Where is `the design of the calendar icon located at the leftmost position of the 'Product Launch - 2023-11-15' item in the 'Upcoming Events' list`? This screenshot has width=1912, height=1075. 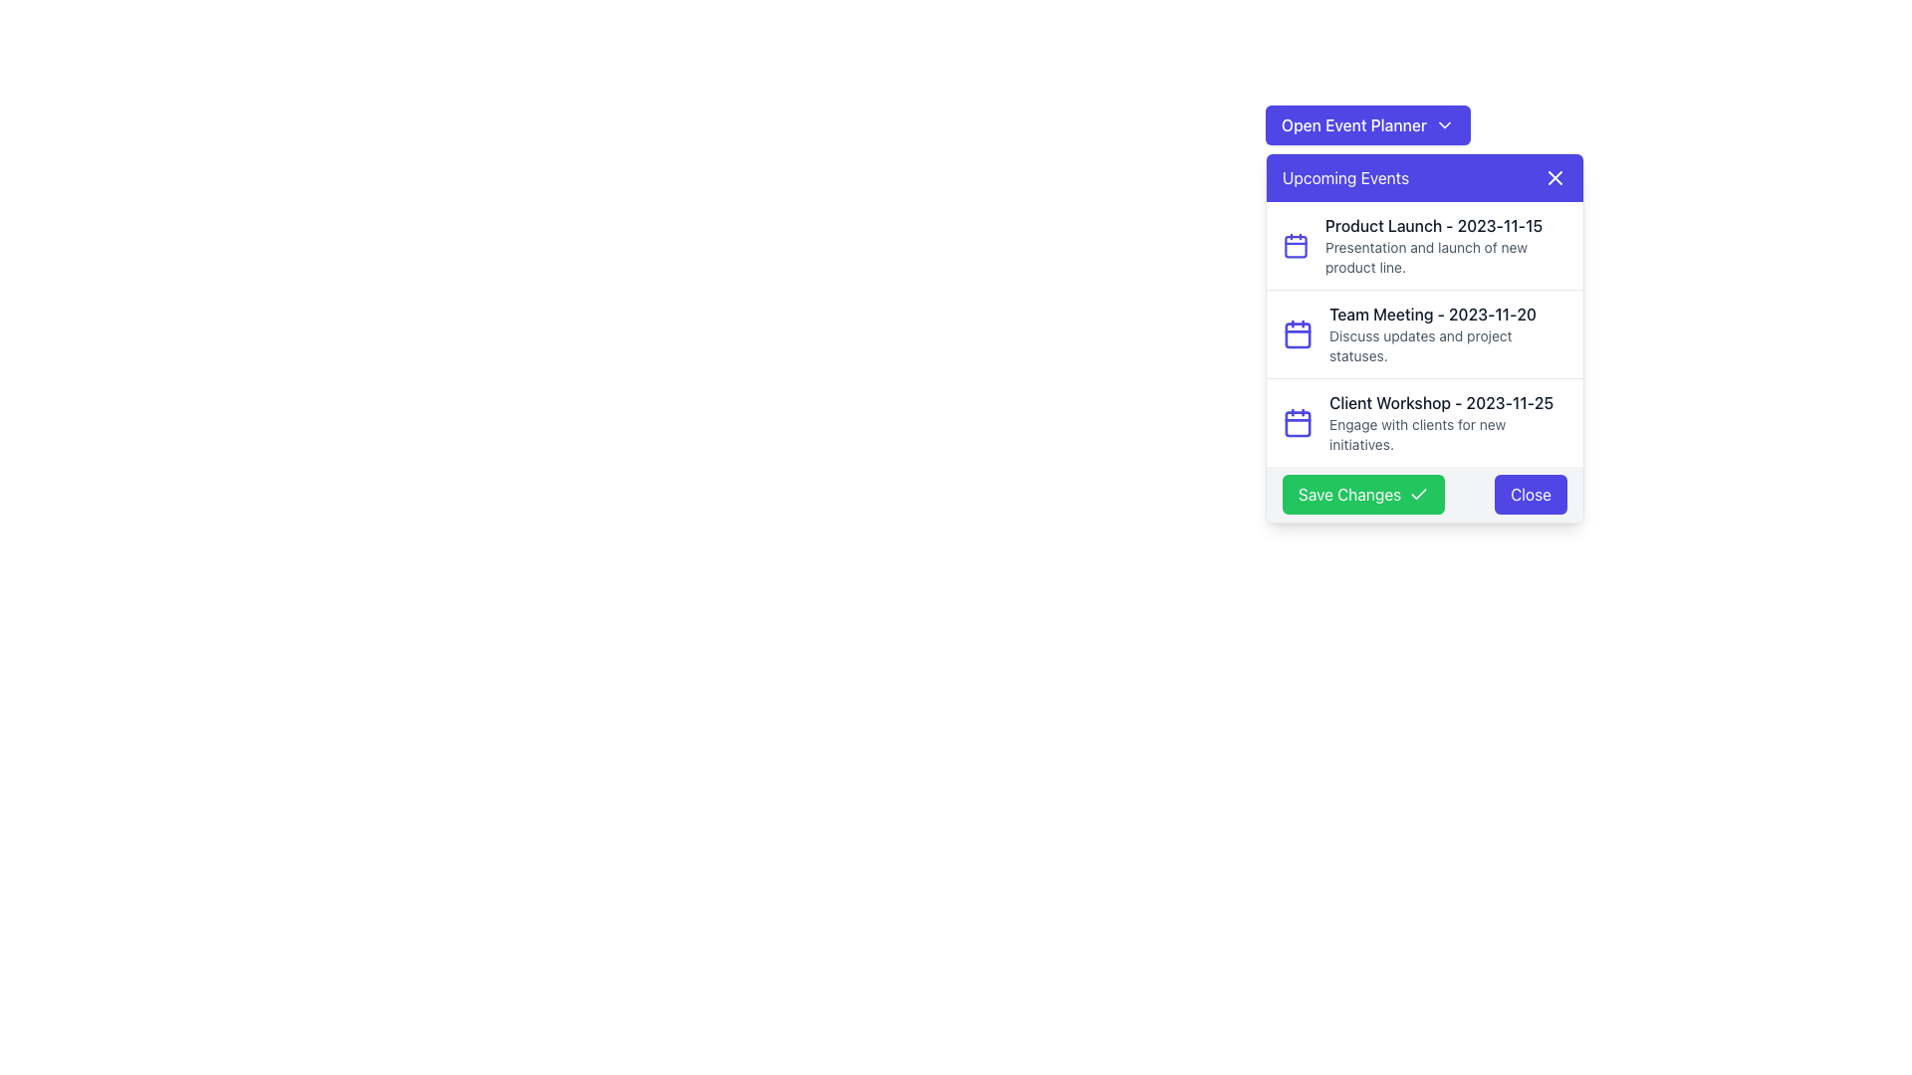 the design of the calendar icon located at the leftmost position of the 'Product Launch - 2023-11-15' item in the 'Upcoming Events' list is located at coordinates (1296, 244).